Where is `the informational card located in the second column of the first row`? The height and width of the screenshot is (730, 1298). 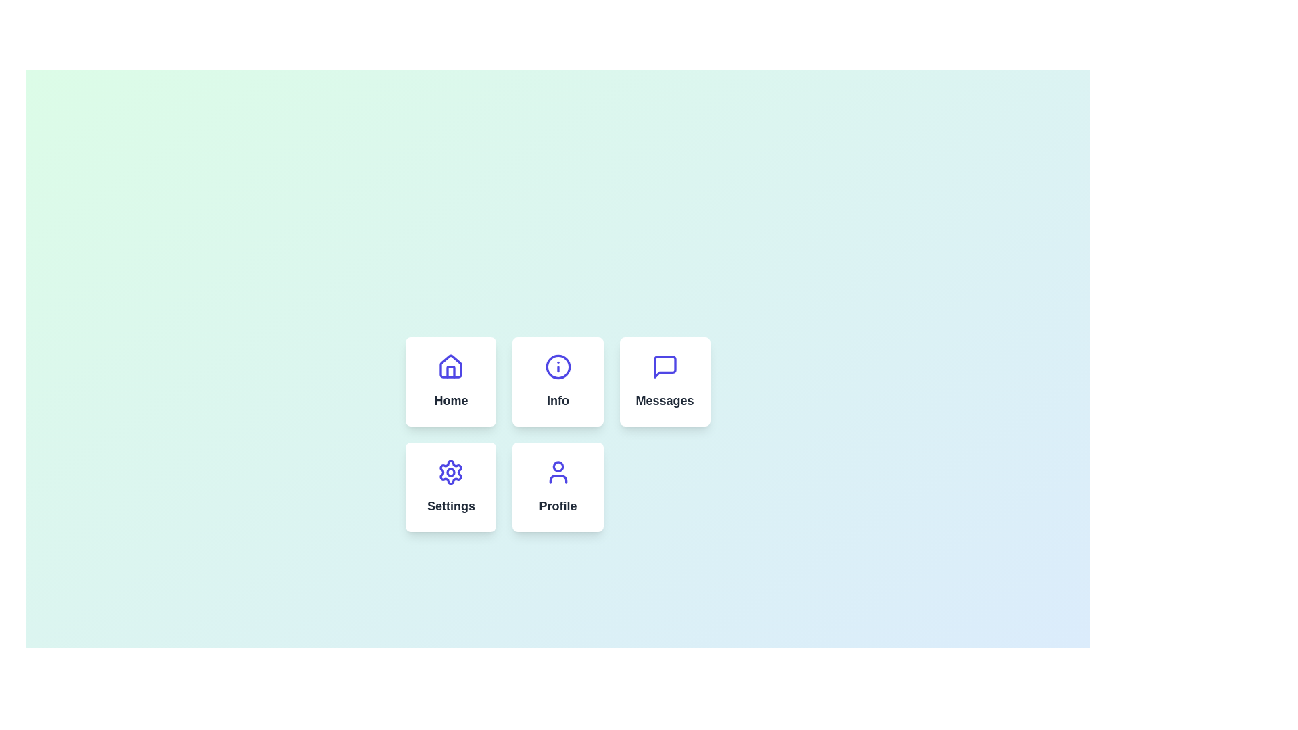 the informational card located in the second column of the first row is located at coordinates (558, 381).